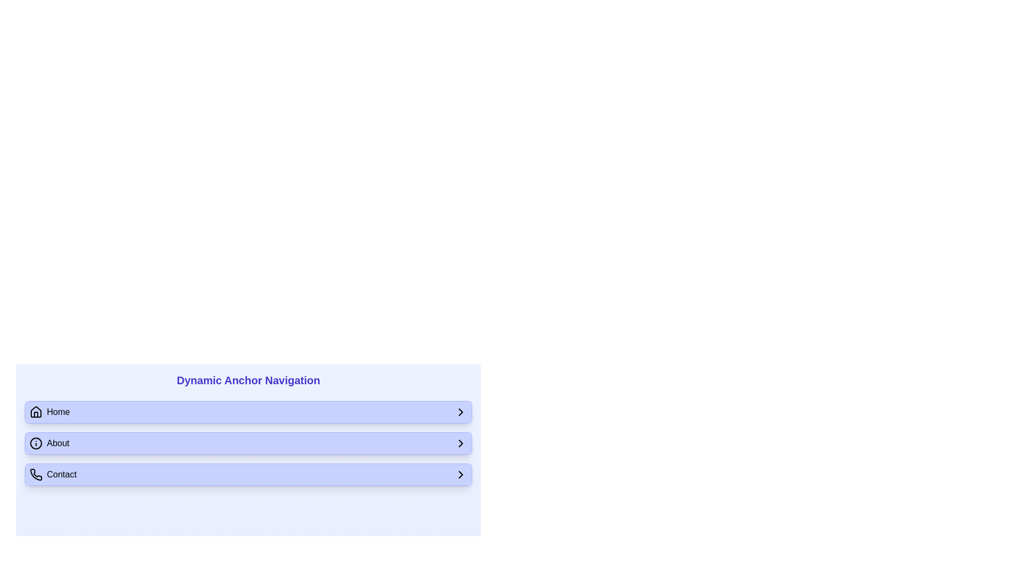 This screenshot has width=1035, height=582. I want to click on the 'Contact' Navigation Button, which features a phone icon and bold text, located in the bottom-most row of the sidebar navigation panel, so click(52, 474).